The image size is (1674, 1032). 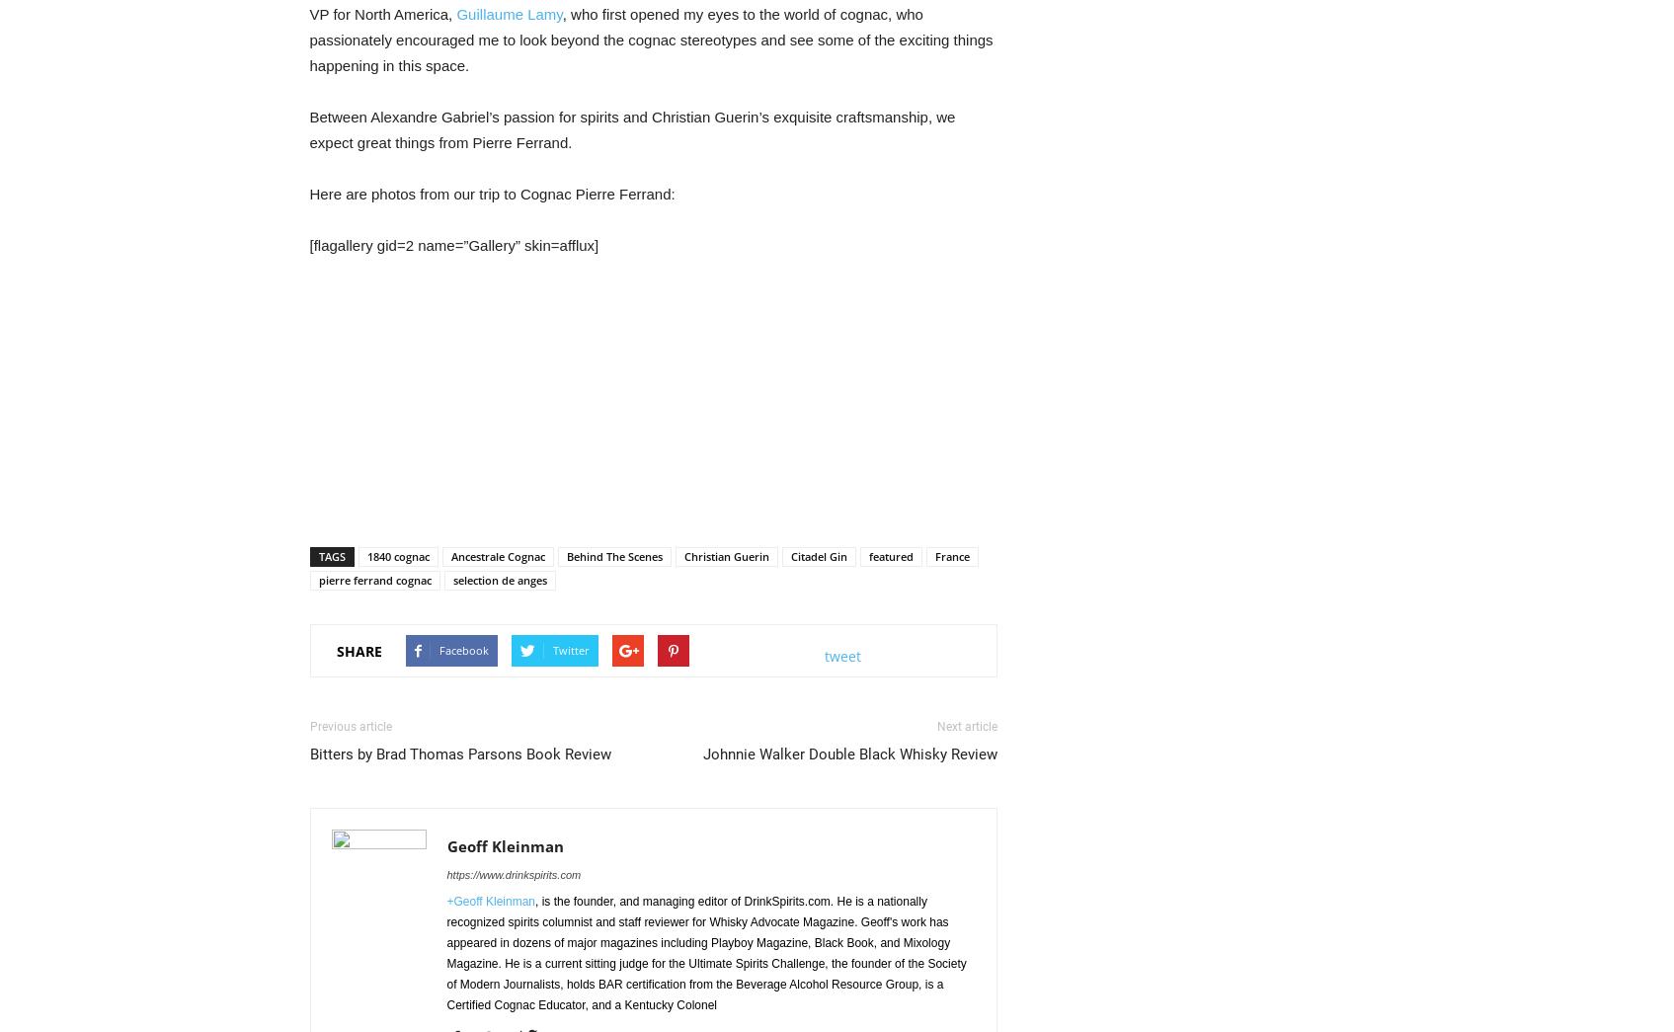 What do you see at coordinates (724, 556) in the screenshot?
I see `'Christian Guerin'` at bounding box center [724, 556].